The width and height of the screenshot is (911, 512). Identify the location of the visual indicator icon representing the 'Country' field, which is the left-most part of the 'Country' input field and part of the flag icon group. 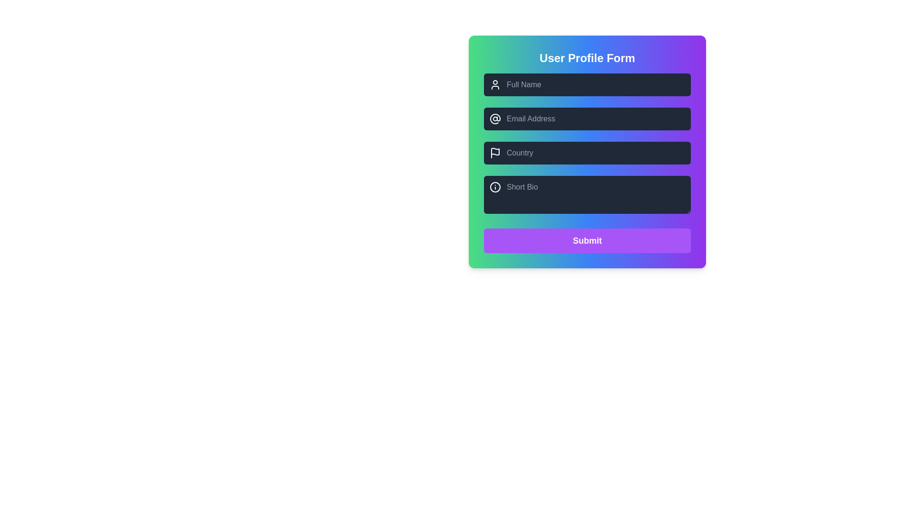
(494, 151).